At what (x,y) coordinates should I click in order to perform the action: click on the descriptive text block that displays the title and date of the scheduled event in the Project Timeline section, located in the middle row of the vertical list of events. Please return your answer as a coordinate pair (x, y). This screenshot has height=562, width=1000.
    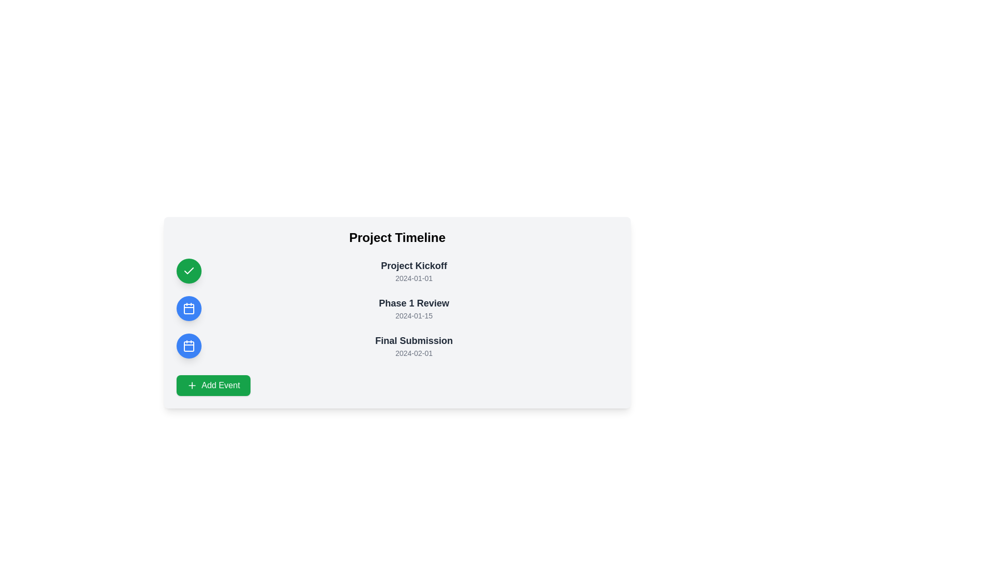
    Looking at the image, I should click on (414, 308).